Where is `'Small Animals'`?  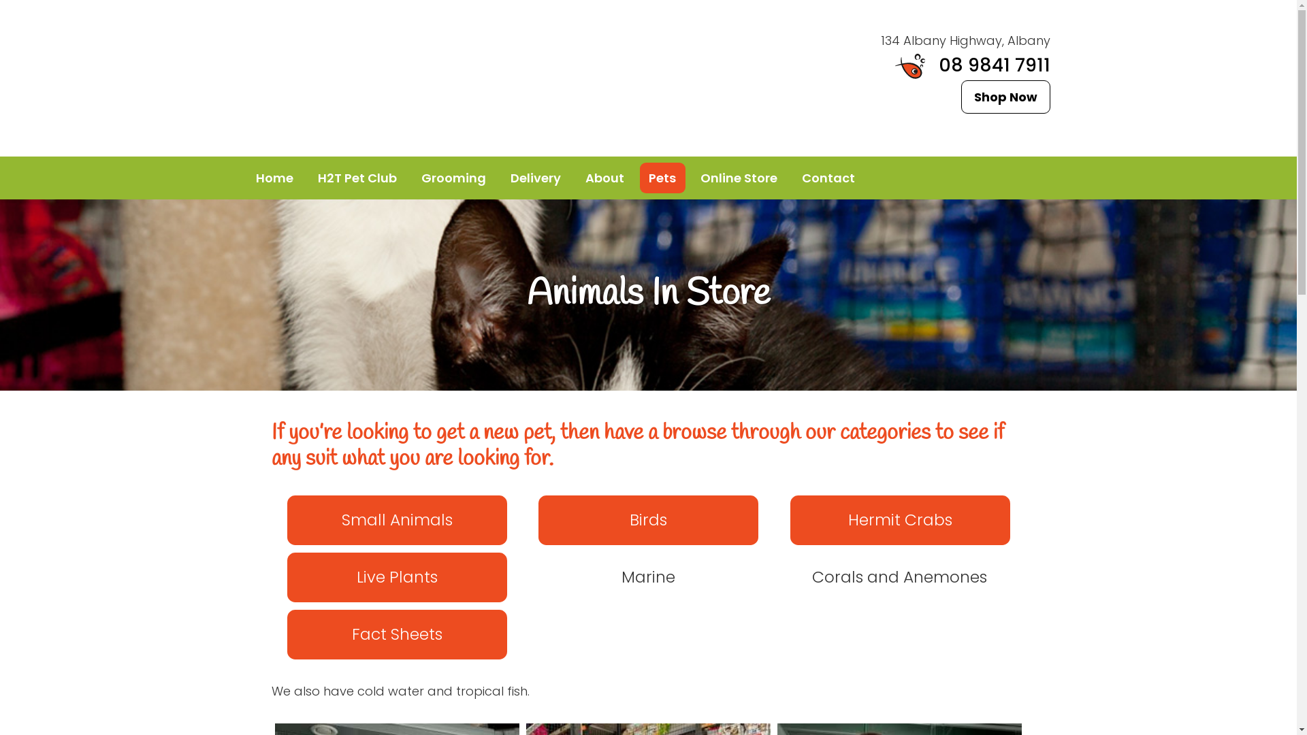 'Small Animals' is located at coordinates (396, 520).